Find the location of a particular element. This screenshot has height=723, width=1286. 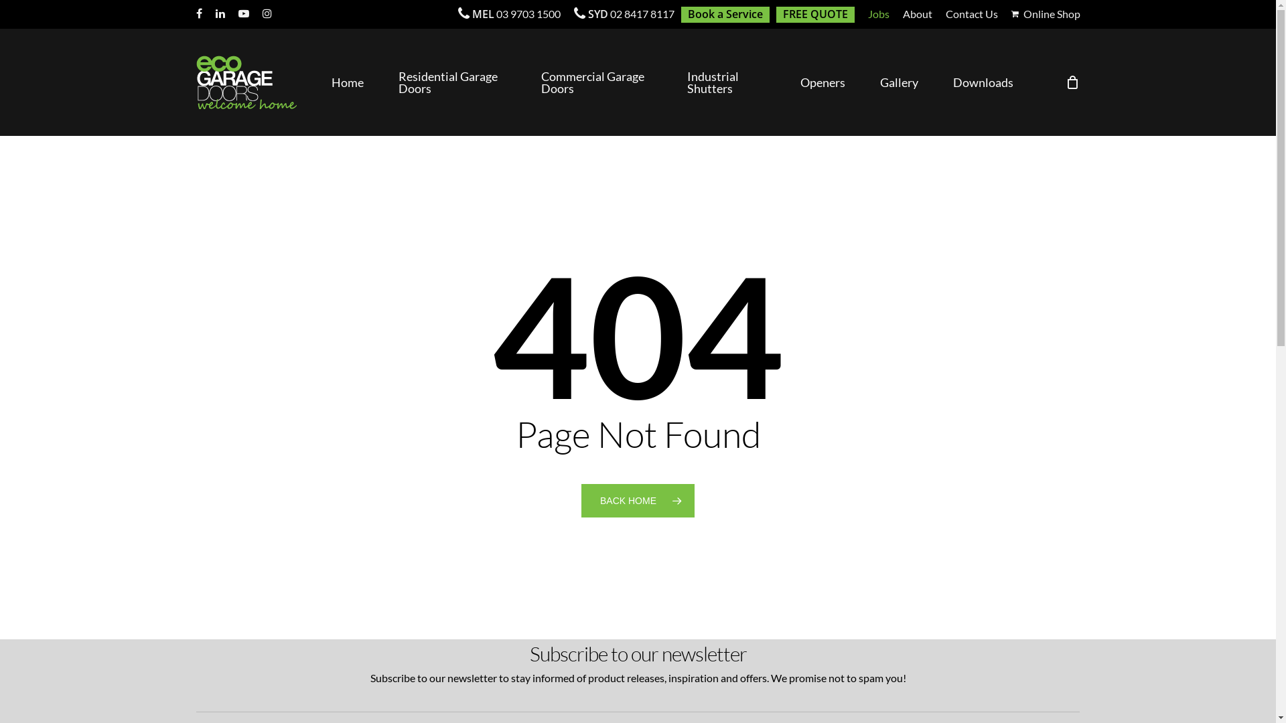

'facebook' is located at coordinates (198, 13).